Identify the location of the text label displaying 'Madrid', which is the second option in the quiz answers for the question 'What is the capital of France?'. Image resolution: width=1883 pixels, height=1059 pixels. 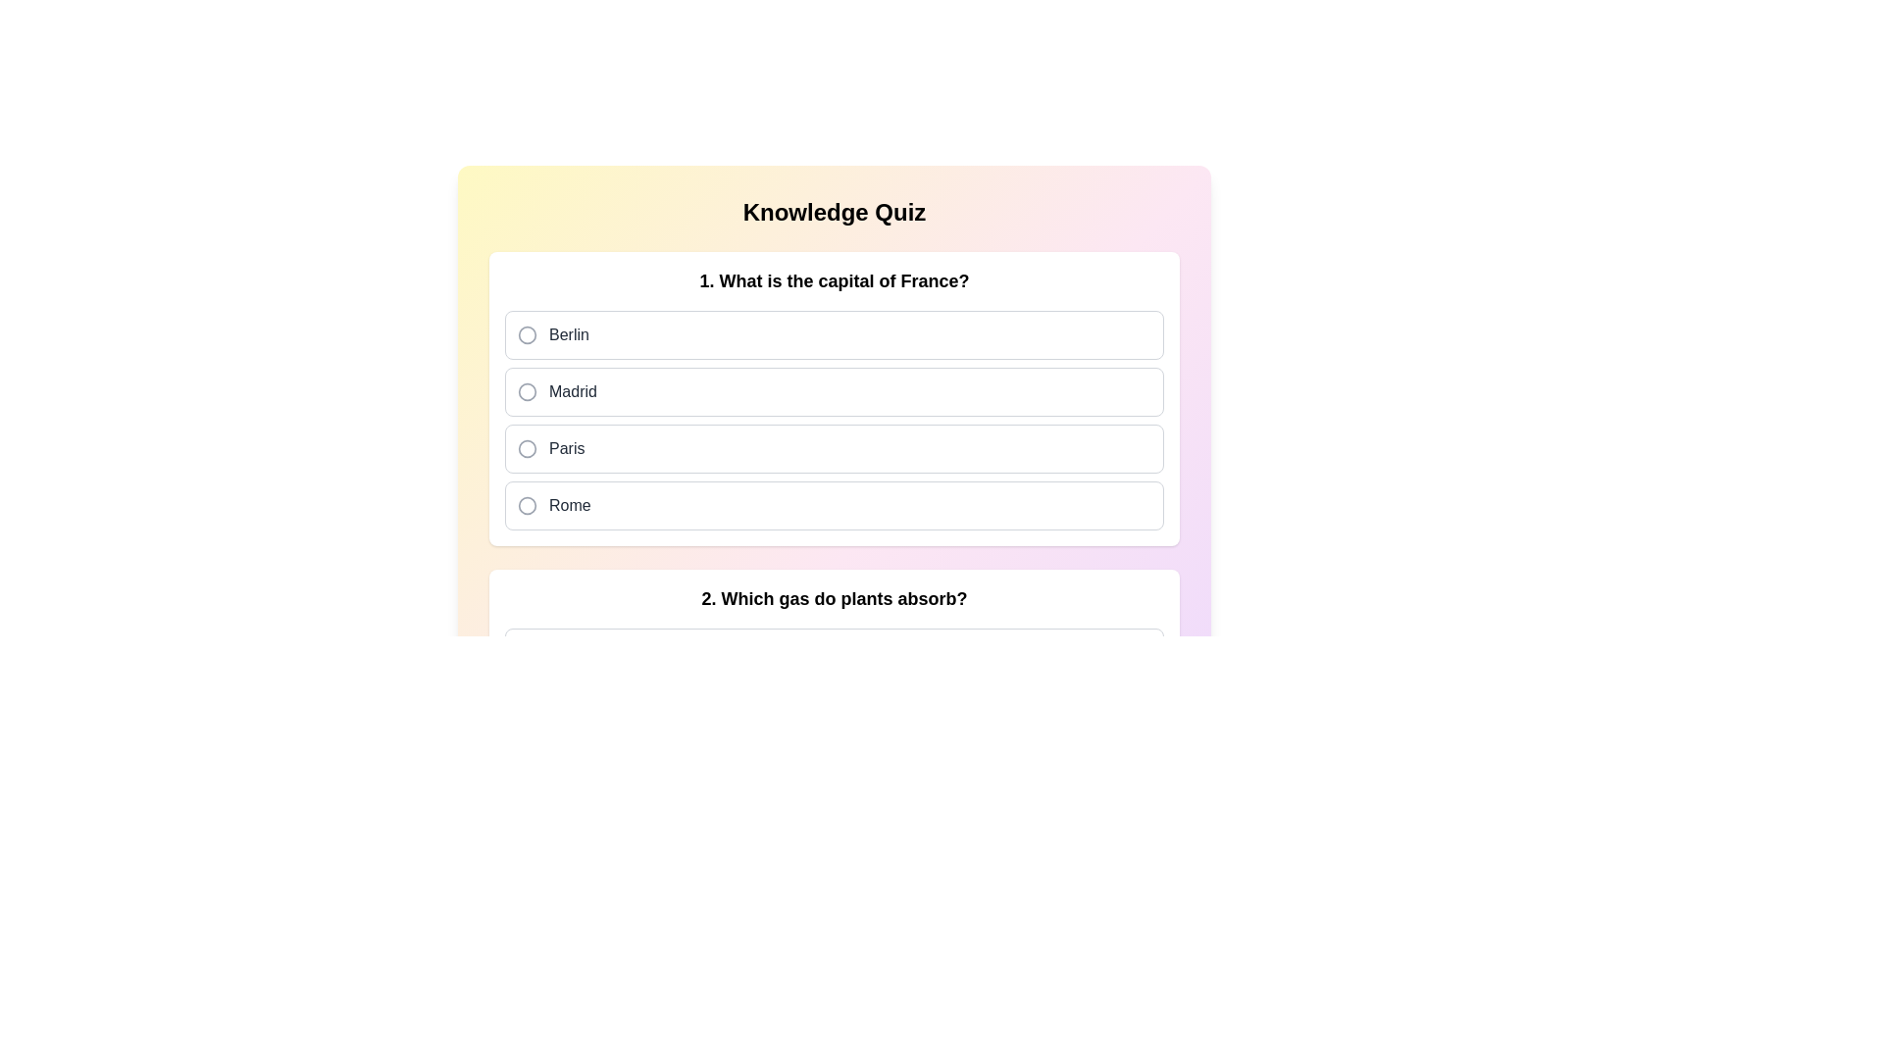
(572, 392).